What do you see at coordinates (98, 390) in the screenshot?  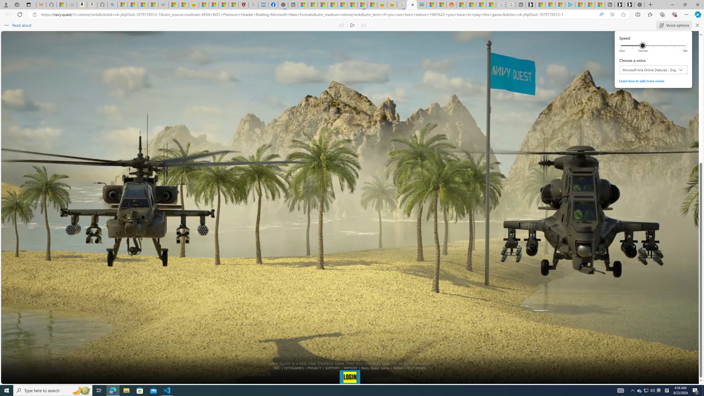 I see `'Task View'` at bounding box center [98, 390].